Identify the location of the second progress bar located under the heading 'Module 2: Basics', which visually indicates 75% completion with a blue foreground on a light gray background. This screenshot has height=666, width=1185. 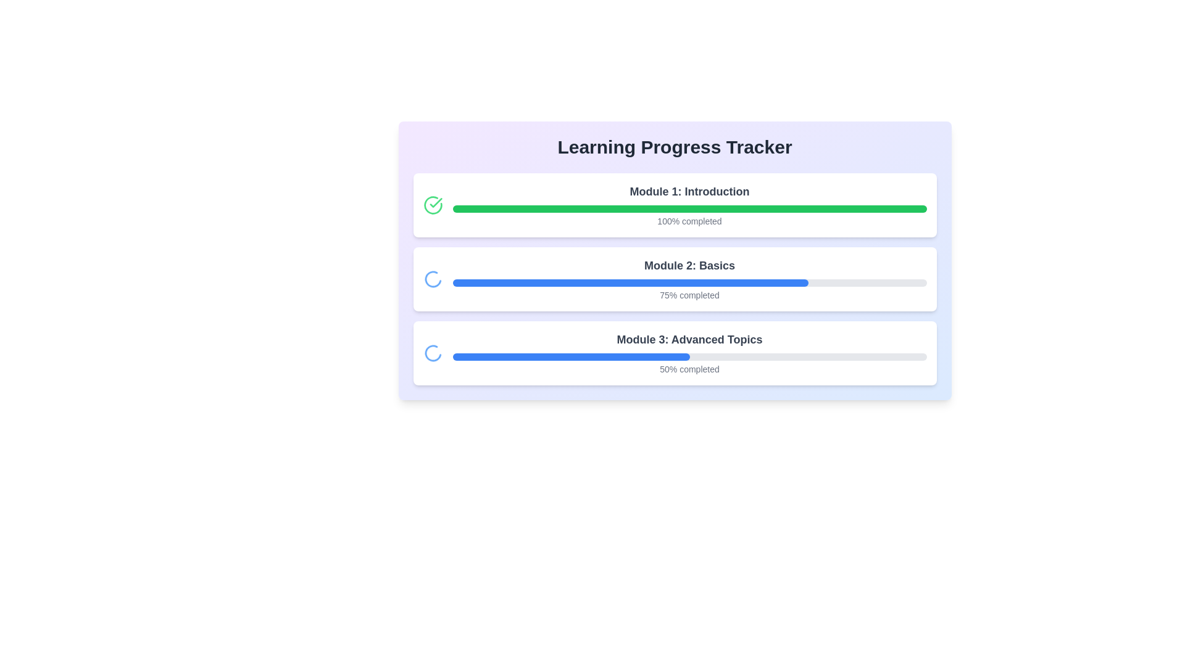
(689, 283).